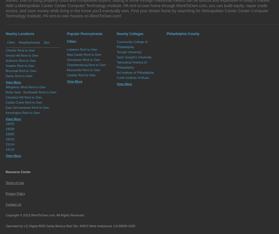 This screenshot has width=279, height=234. I want to click on 'New Castle
Rent to Own', so click(67, 54).